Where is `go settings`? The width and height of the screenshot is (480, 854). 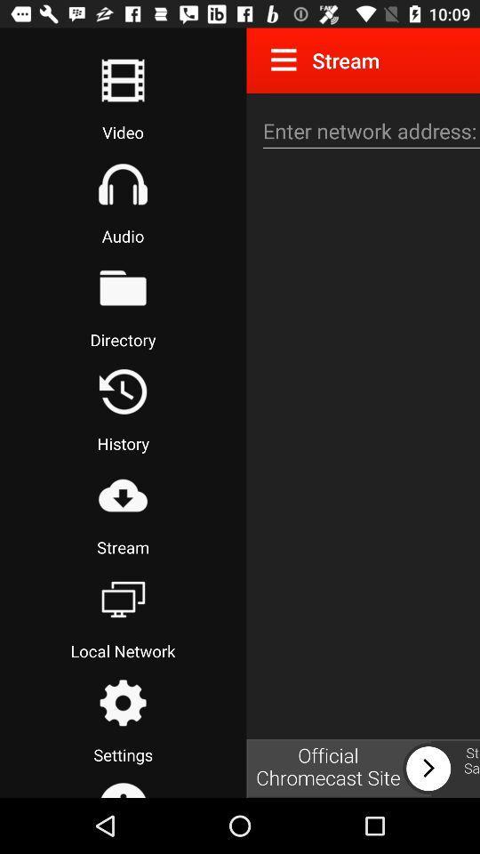 go settings is located at coordinates (122, 703).